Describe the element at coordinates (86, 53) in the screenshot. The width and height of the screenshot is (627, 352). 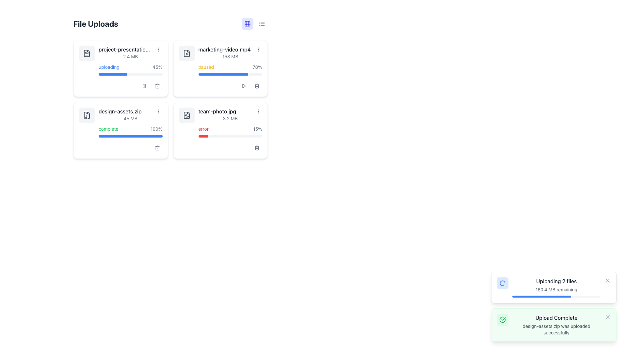
I see `the gray document outline icon representing the 'project-presentation' file type to visualize its representation` at that location.